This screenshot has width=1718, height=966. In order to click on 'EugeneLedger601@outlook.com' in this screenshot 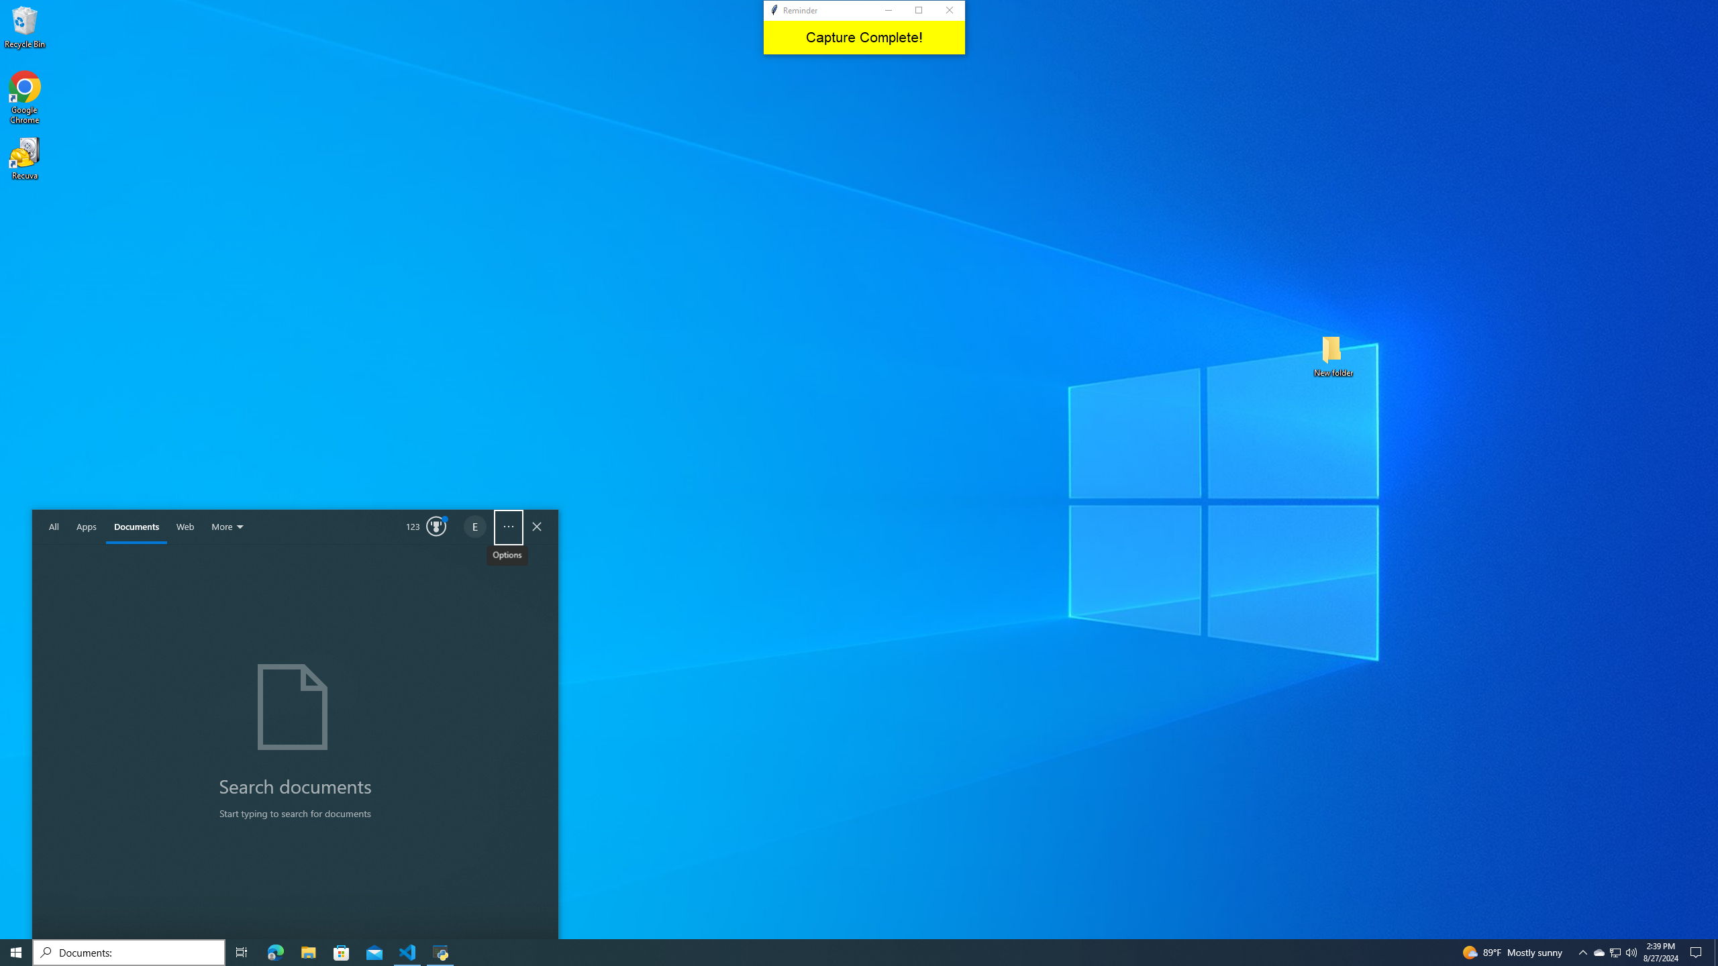, I will do `click(476, 527)`.